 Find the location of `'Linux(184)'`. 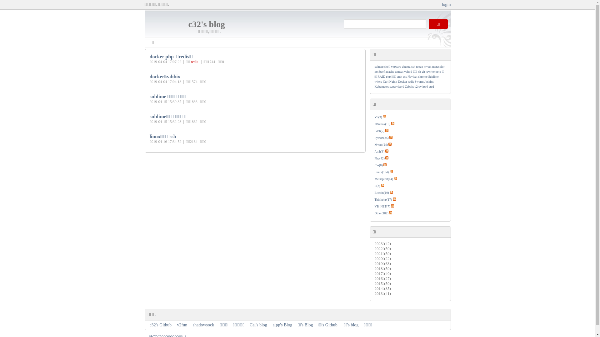

'Linux(184)' is located at coordinates (374, 172).